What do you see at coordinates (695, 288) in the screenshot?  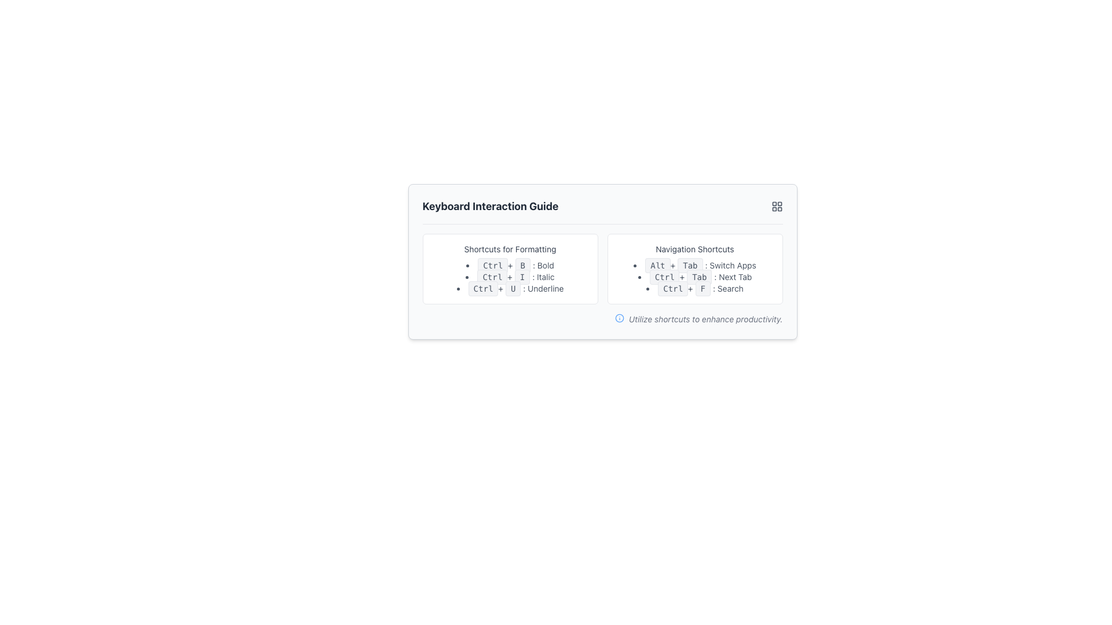 I see `informational content displaying the keyboard shortcut 'Ctrl+F' and its functionality 'Search', which is the third item in the 'Navigation Shortcuts' list` at bounding box center [695, 288].